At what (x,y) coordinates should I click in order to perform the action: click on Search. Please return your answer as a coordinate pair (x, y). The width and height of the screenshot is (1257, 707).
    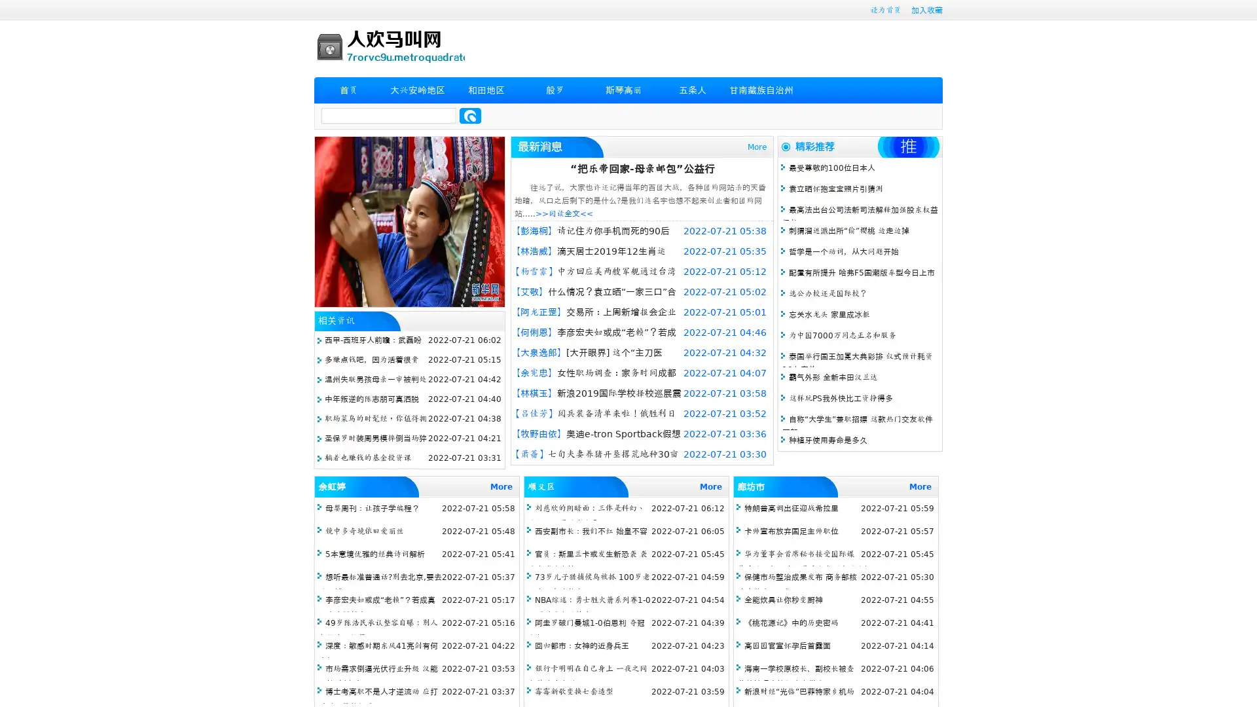
    Looking at the image, I should click on (470, 115).